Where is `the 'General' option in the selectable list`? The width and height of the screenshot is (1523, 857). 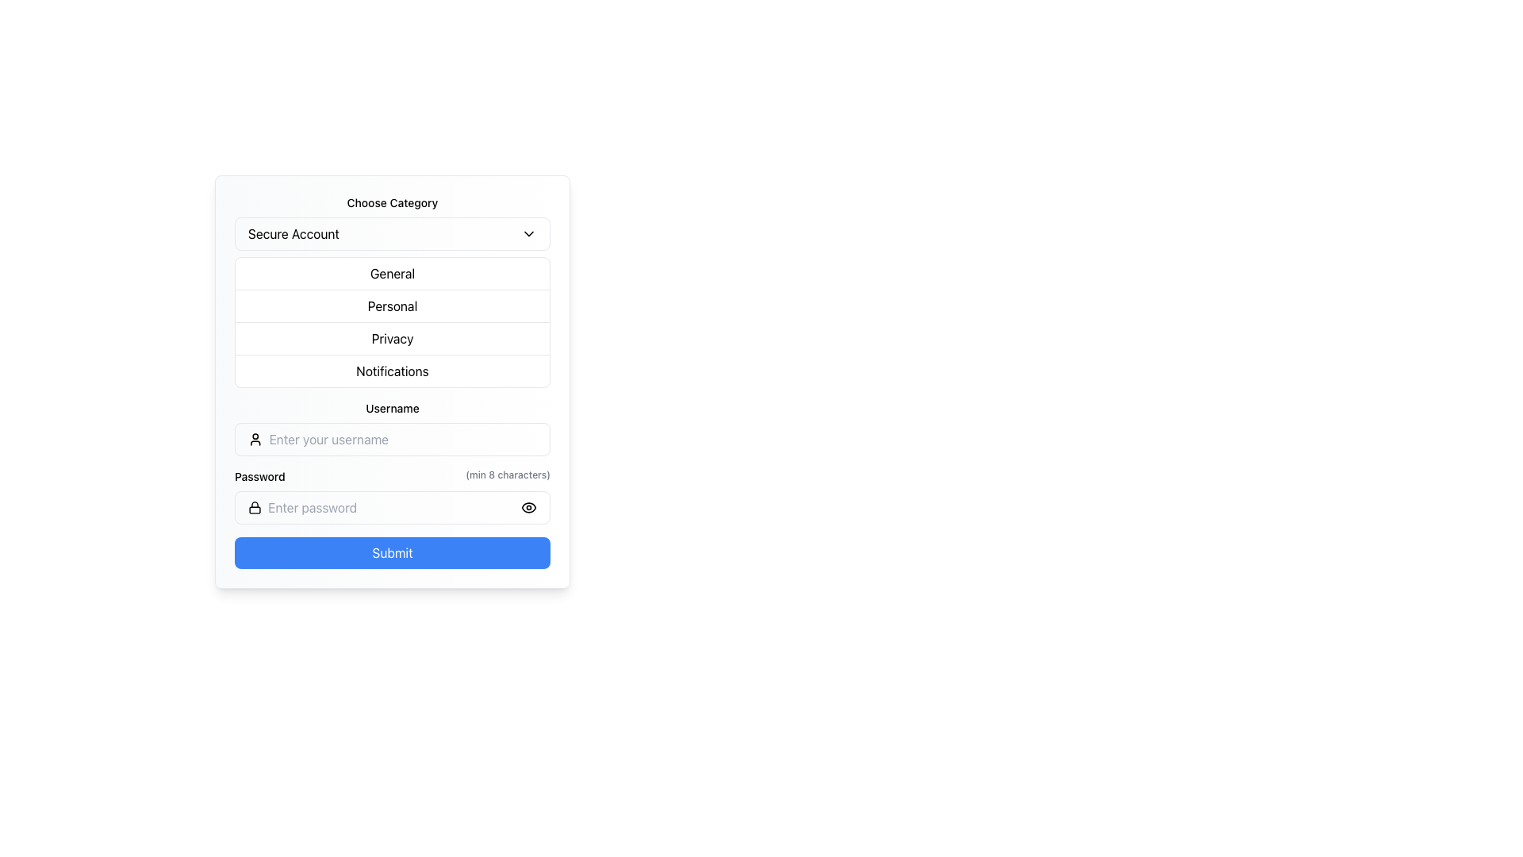 the 'General' option in the selectable list is located at coordinates (392, 272).